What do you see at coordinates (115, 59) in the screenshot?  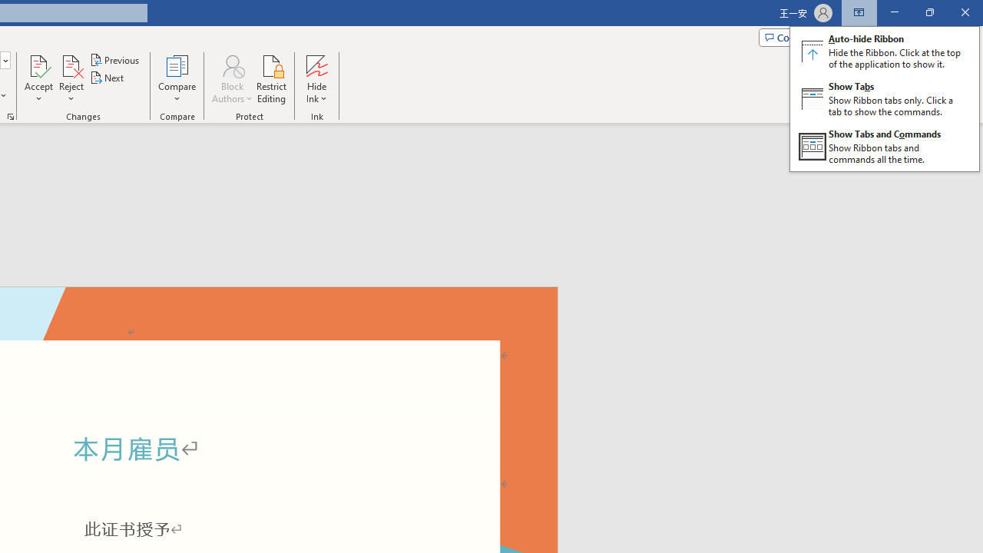 I see `'Previous'` at bounding box center [115, 59].